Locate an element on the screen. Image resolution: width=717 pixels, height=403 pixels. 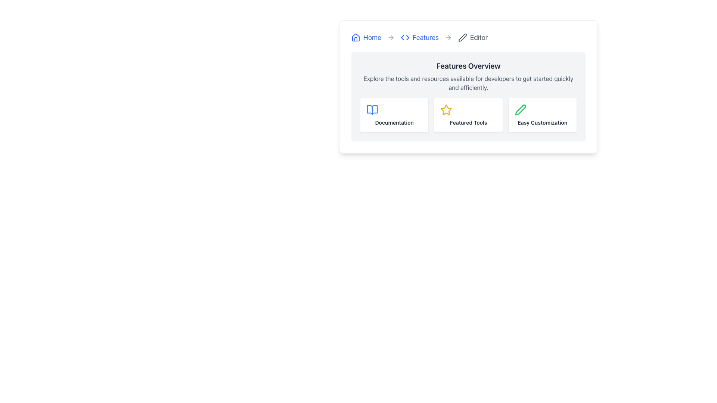
the static text block that displays the content 'Explore the tools and resources available for developers to get started quickly and efficiently.' positioned below the title 'Features Overview' is located at coordinates (468, 83).